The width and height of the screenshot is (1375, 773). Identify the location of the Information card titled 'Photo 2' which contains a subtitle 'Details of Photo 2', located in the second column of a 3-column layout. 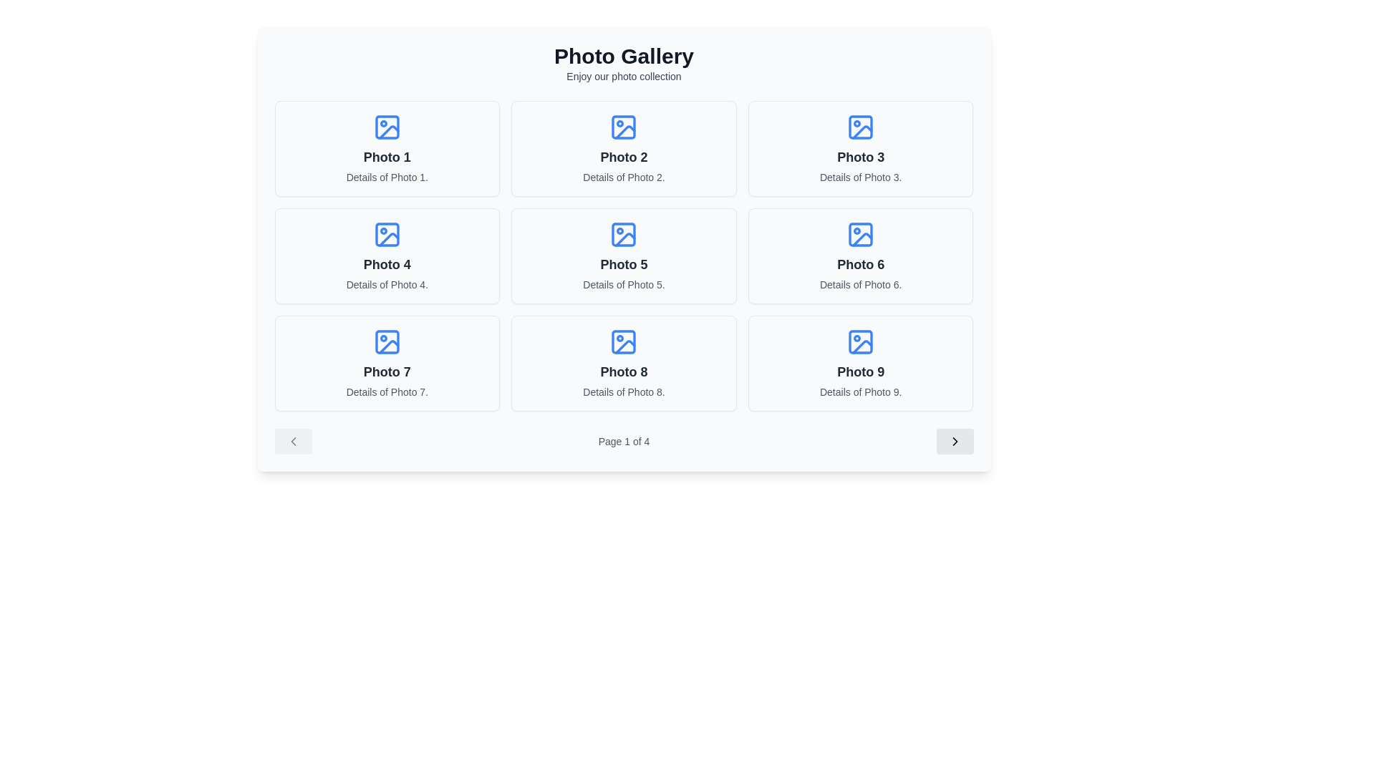
(624, 149).